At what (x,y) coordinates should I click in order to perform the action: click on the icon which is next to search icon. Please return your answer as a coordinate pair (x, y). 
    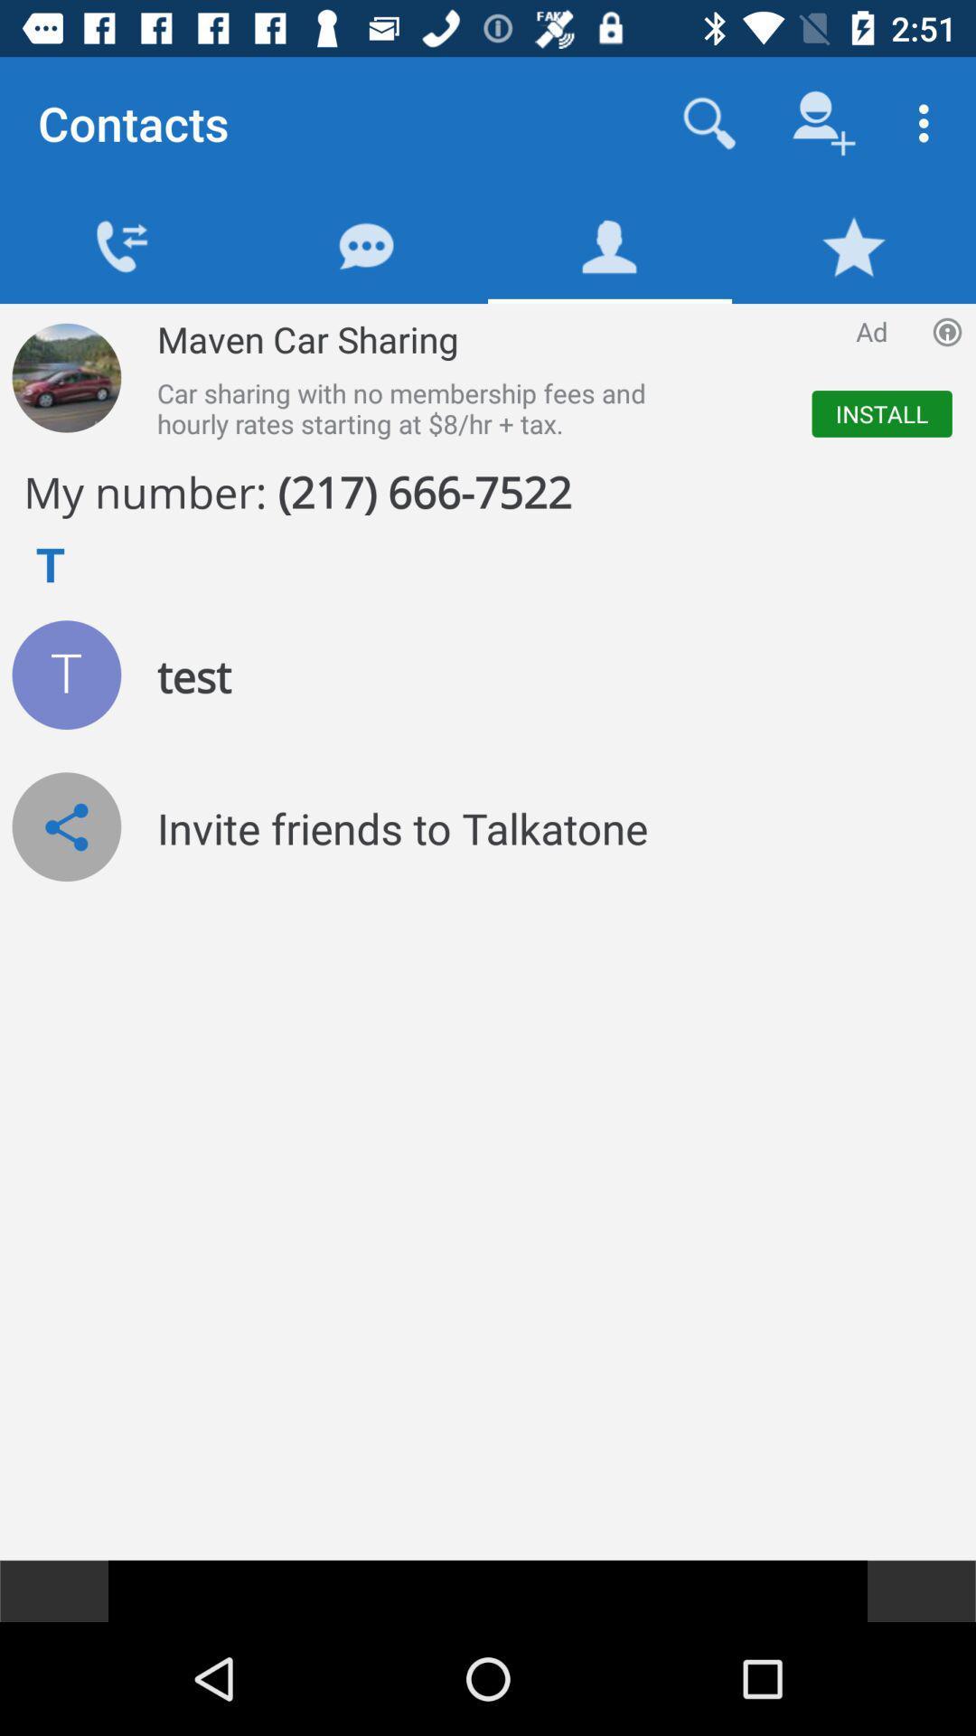
    Looking at the image, I should click on (823, 123).